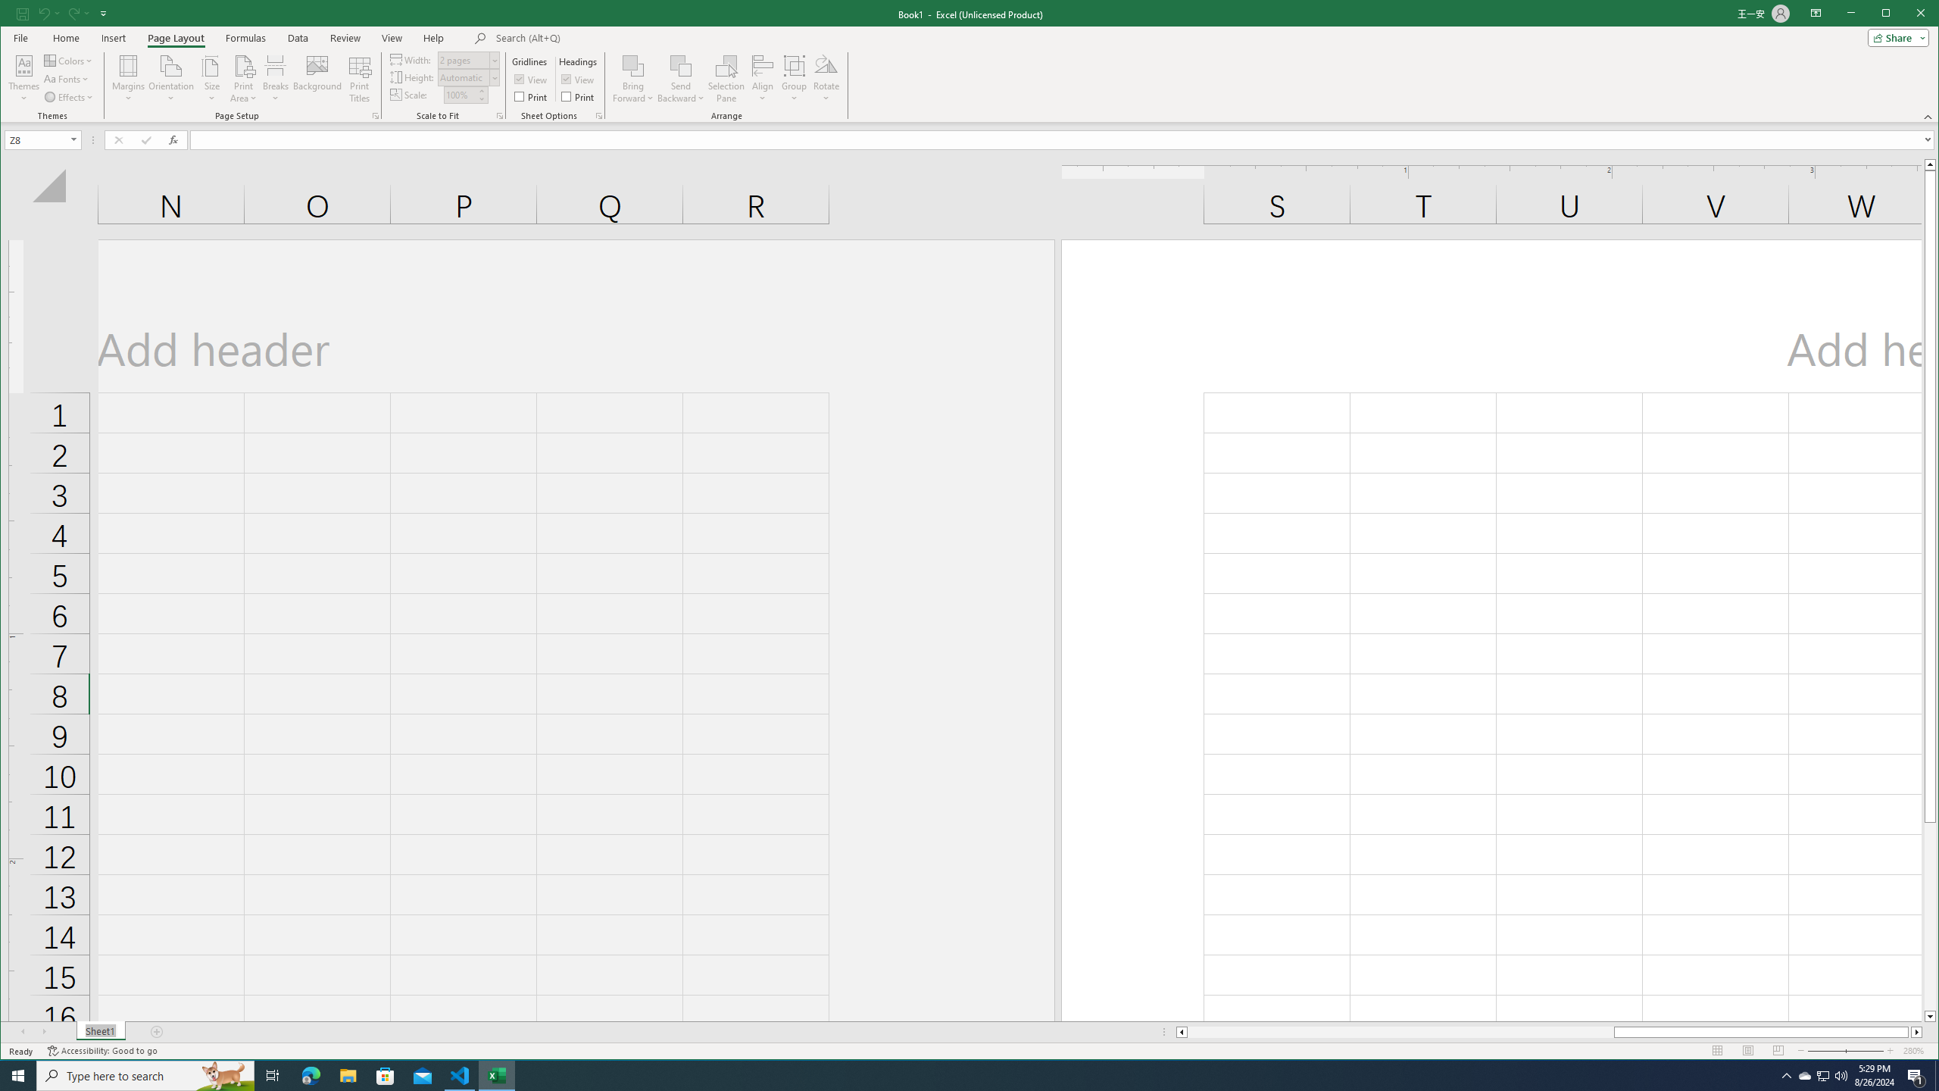  Describe the element at coordinates (679, 78) in the screenshot. I see `'Send Backward'` at that location.